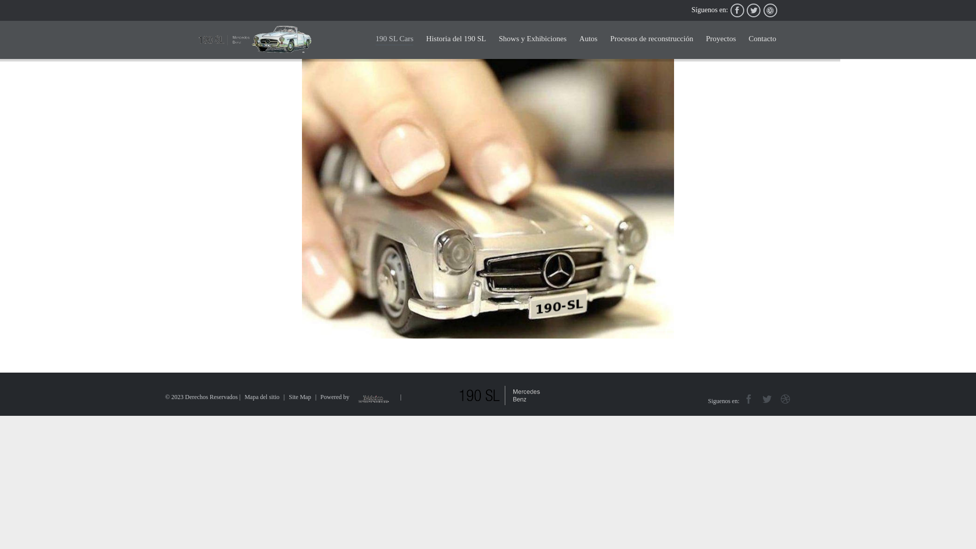 The height and width of the screenshot is (549, 976). What do you see at coordinates (299, 396) in the screenshot?
I see `'Site Map'` at bounding box center [299, 396].